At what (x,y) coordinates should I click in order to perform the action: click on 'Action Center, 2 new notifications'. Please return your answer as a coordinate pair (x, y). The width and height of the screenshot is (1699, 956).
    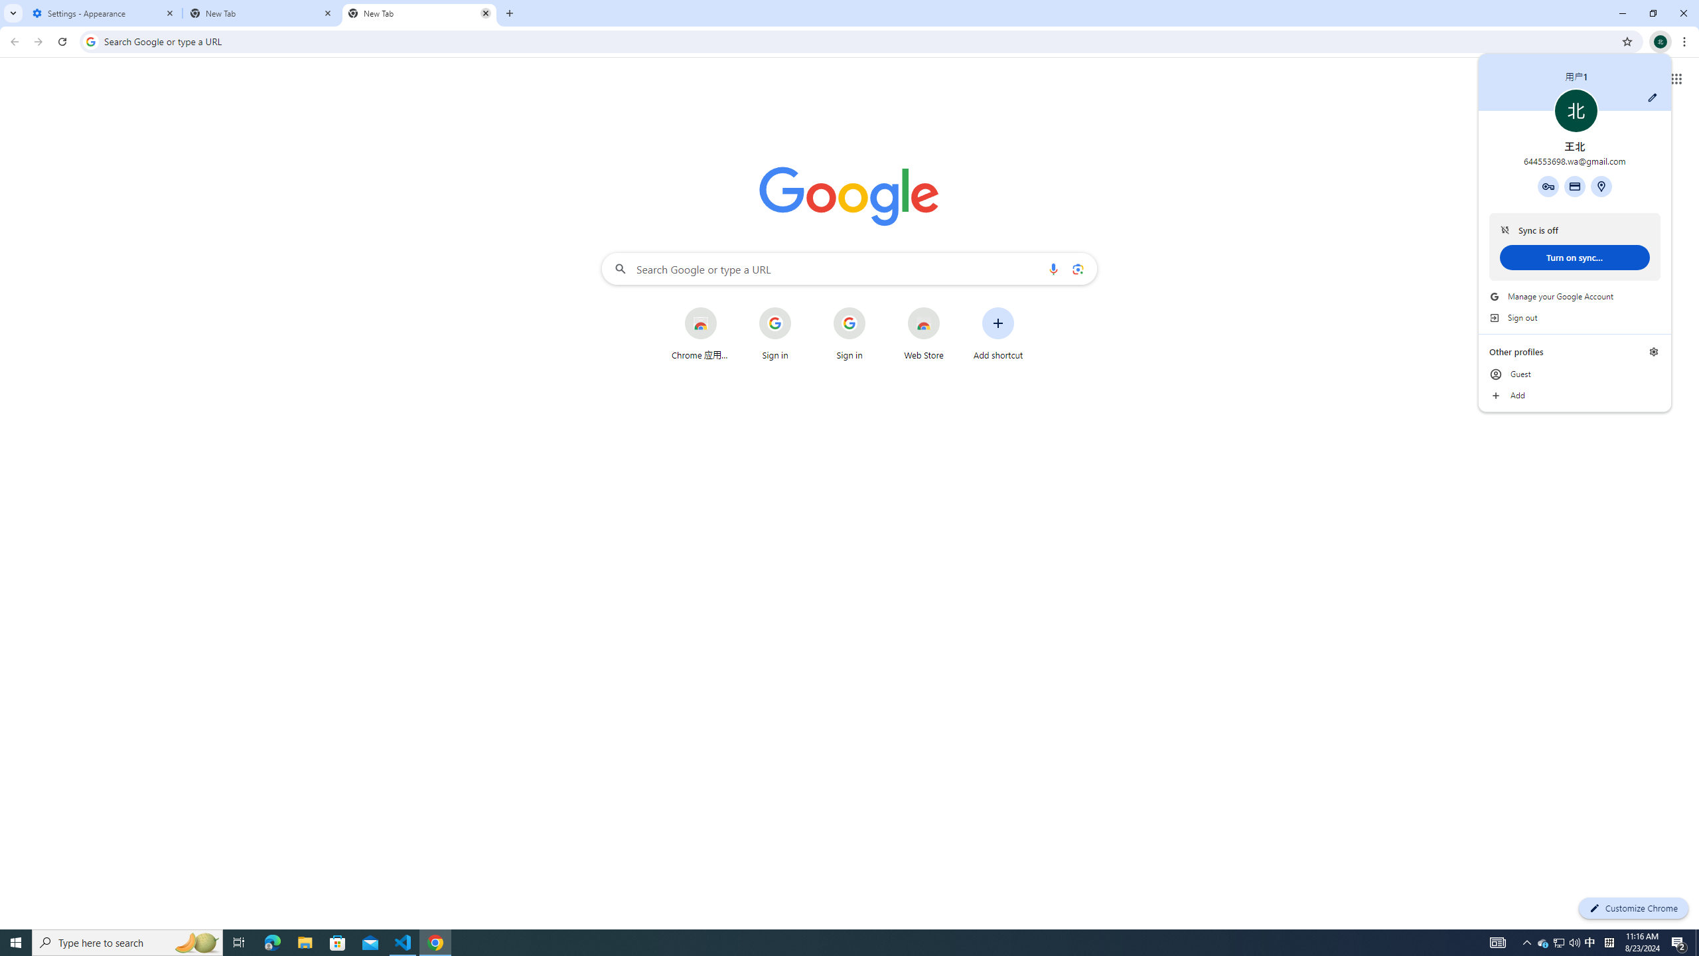
    Looking at the image, I should click on (1679, 941).